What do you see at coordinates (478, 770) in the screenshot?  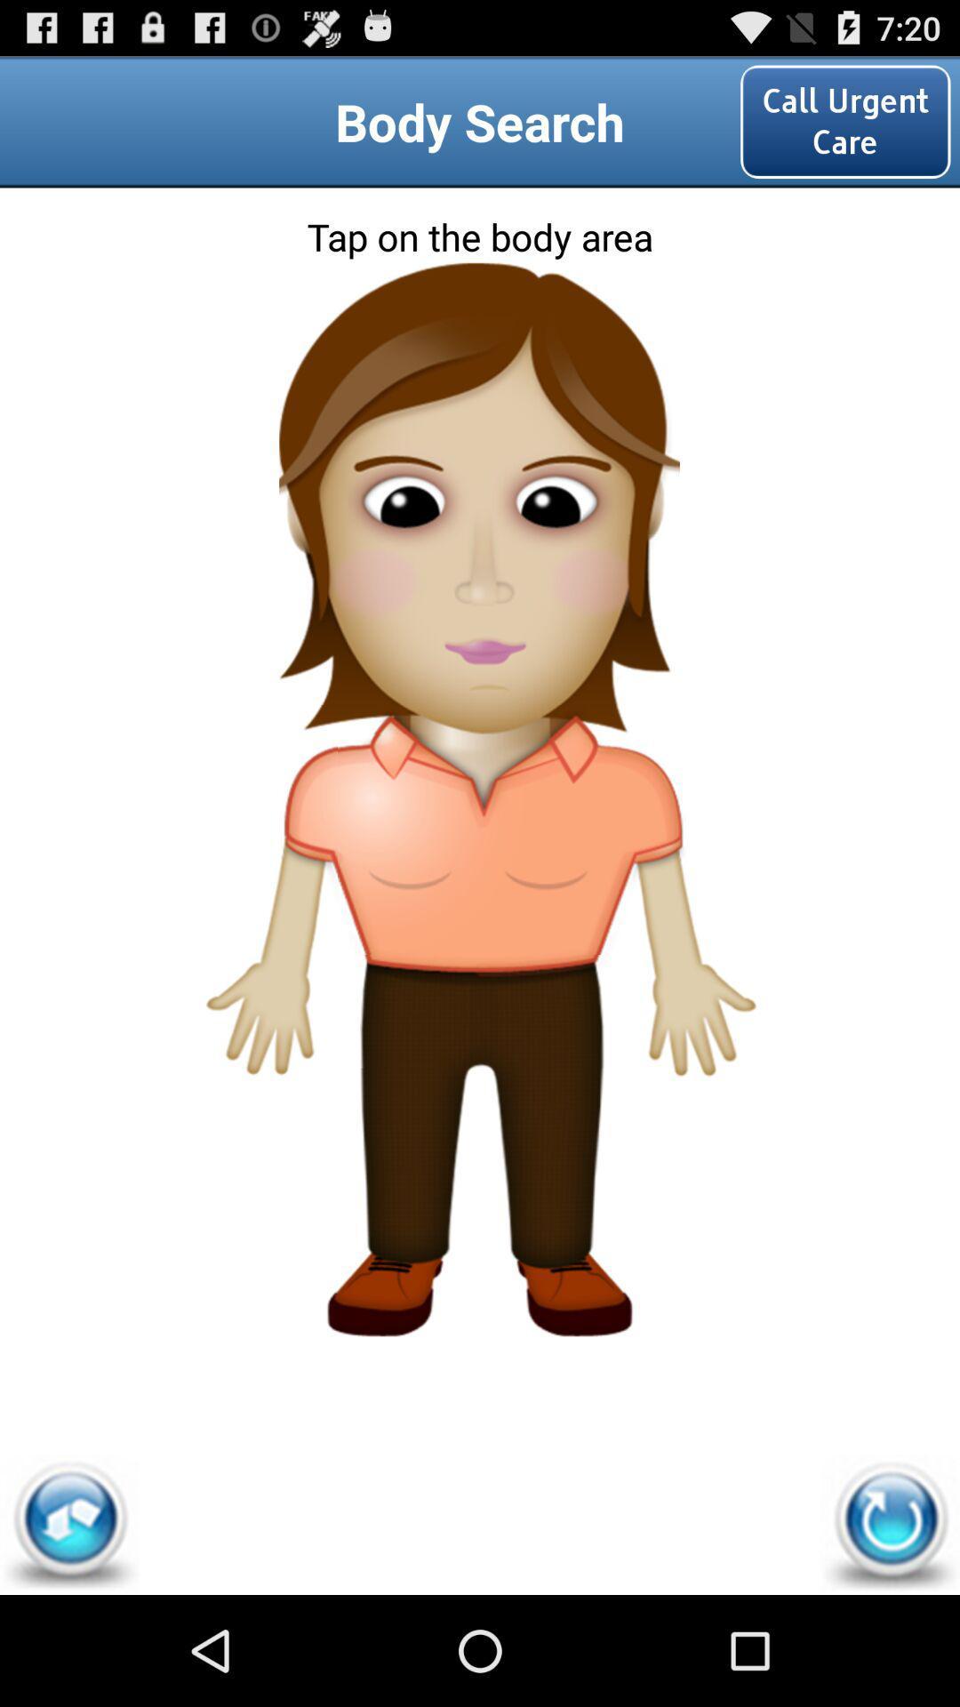 I see `the font icon` at bounding box center [478, 770].